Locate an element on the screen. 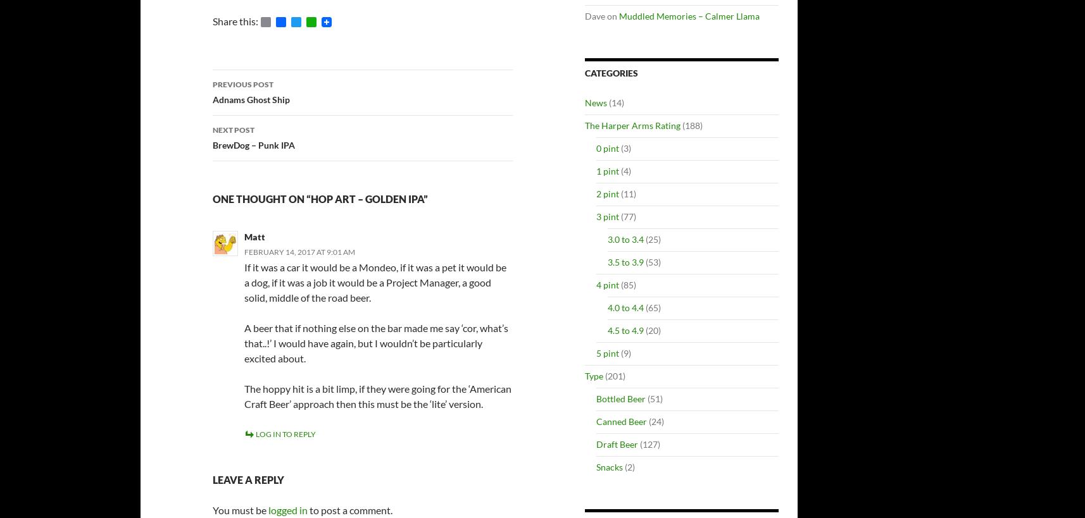 This screenshot has width=1085, height=518. 'Dave' is located at coordinates (594, 15).